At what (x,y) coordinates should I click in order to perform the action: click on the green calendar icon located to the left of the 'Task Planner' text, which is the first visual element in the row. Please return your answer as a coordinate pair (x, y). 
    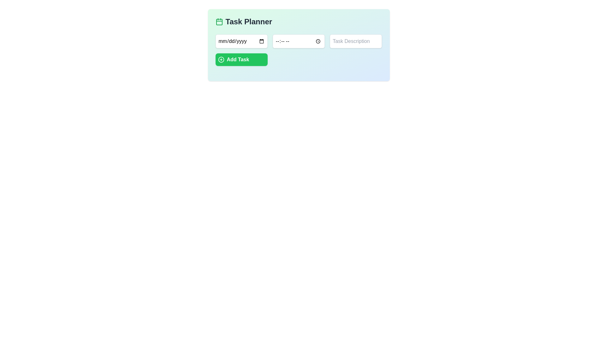
    Looking at the image, I should click on (219, 21).